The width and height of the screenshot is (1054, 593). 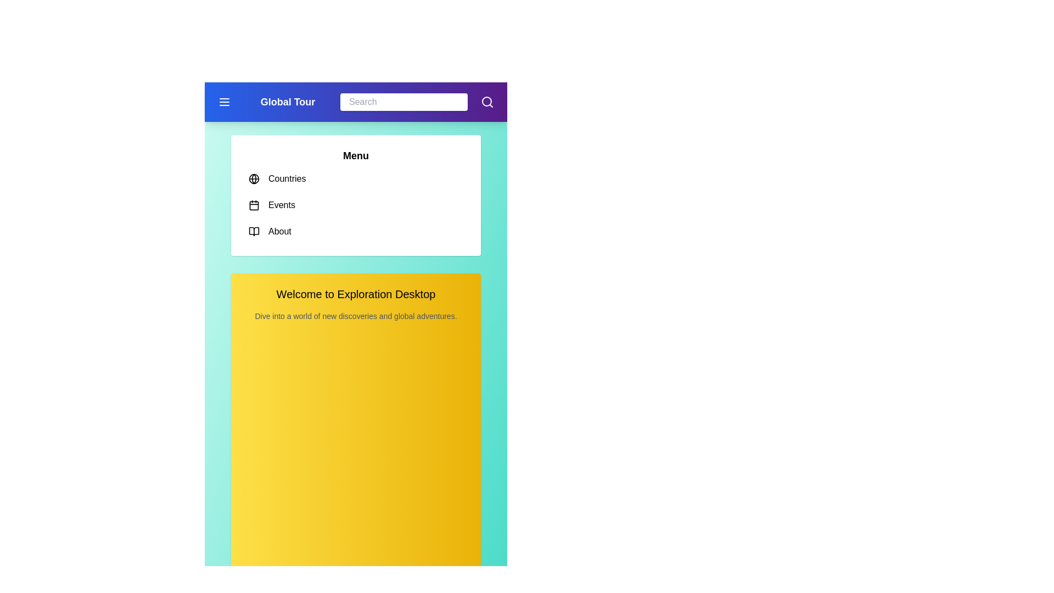 I want to click on the menu item About from the menu, so click(x=356, y=231).